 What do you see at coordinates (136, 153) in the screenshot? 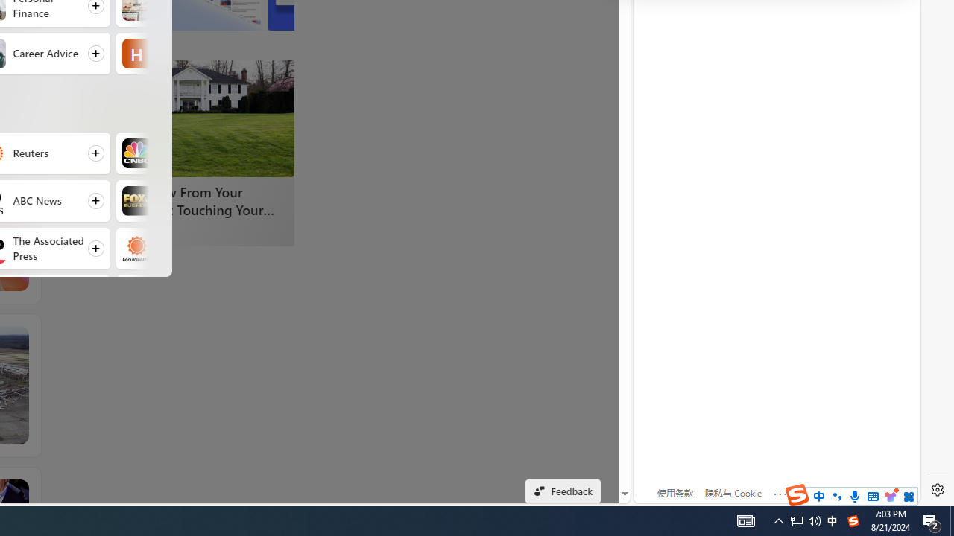
I see `'CNBC'` at bounding box center [136, 153].